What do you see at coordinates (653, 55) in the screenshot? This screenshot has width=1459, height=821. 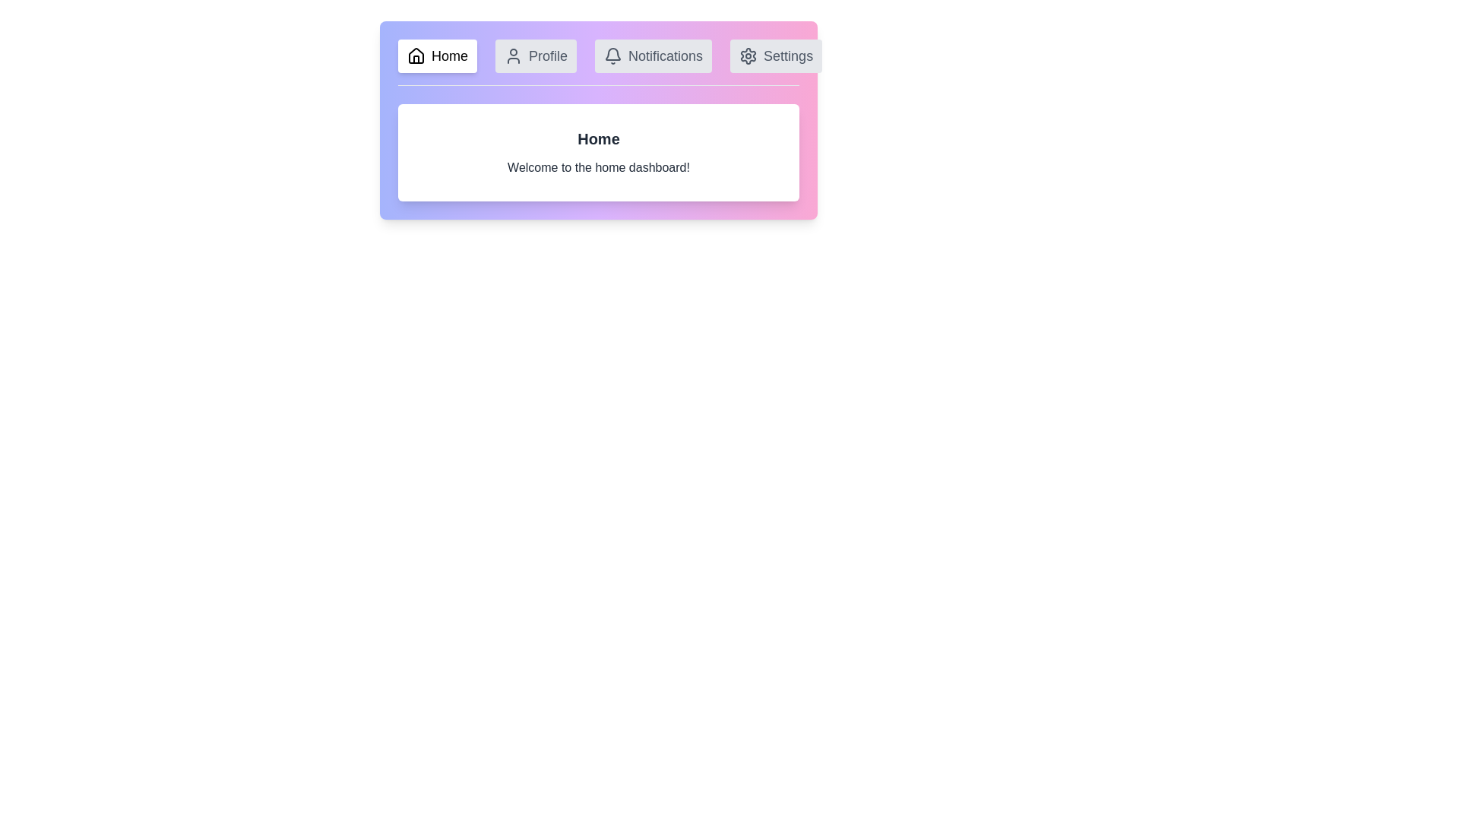 I see `the tab labeled Notifications to select it` at bounding box center [653, 55].